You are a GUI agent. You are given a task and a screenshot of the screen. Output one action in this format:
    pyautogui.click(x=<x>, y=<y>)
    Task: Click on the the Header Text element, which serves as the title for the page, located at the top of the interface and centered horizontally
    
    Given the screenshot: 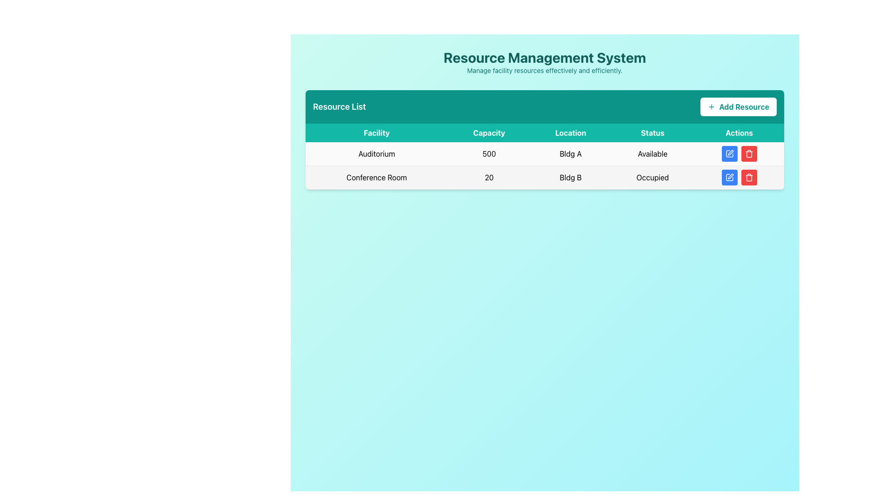 What is the action you would take?
    pyautogui.click(x=545, y=57)
    